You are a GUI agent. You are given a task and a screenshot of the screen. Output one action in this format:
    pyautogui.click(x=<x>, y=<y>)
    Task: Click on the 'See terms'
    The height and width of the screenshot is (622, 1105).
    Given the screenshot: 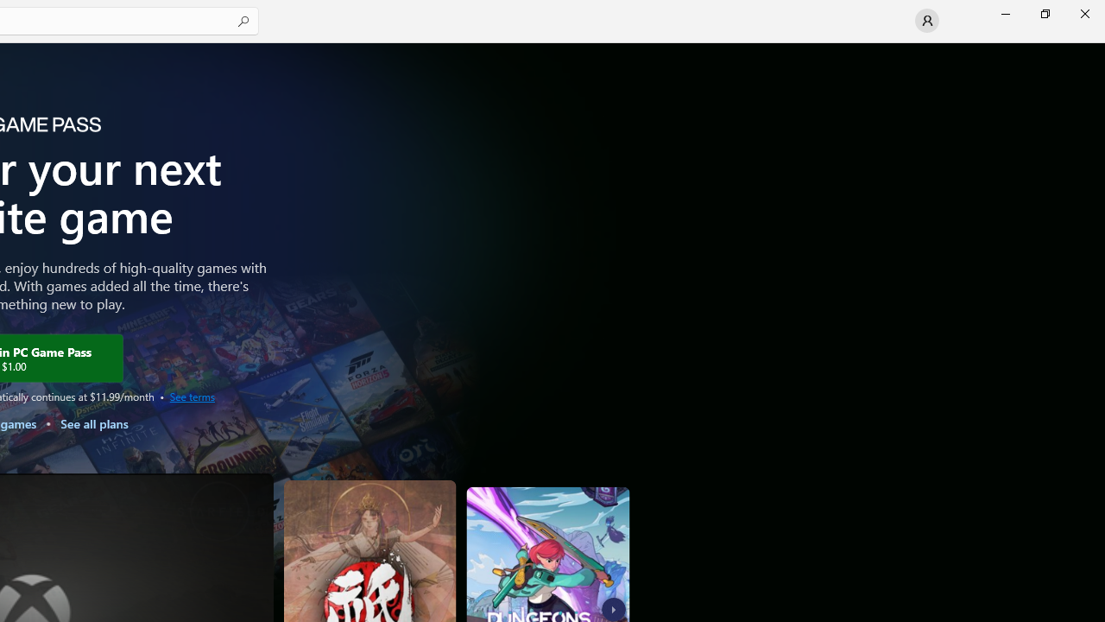 What is the action you would take?
    pyautogui.click(x=192, y=396)
    